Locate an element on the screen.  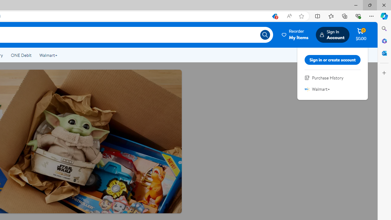
'Search icon' is located at coordinates (265, 35).